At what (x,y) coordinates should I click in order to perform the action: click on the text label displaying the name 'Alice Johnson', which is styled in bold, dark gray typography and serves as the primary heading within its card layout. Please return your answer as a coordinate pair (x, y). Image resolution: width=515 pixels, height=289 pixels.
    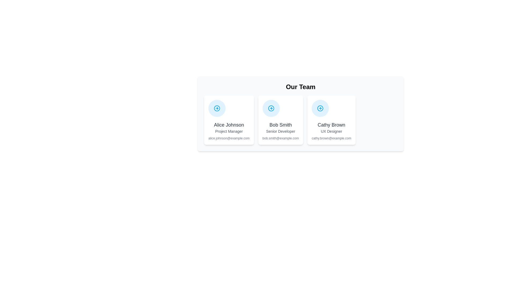
    Looking at the image, I should click on (229, 125).